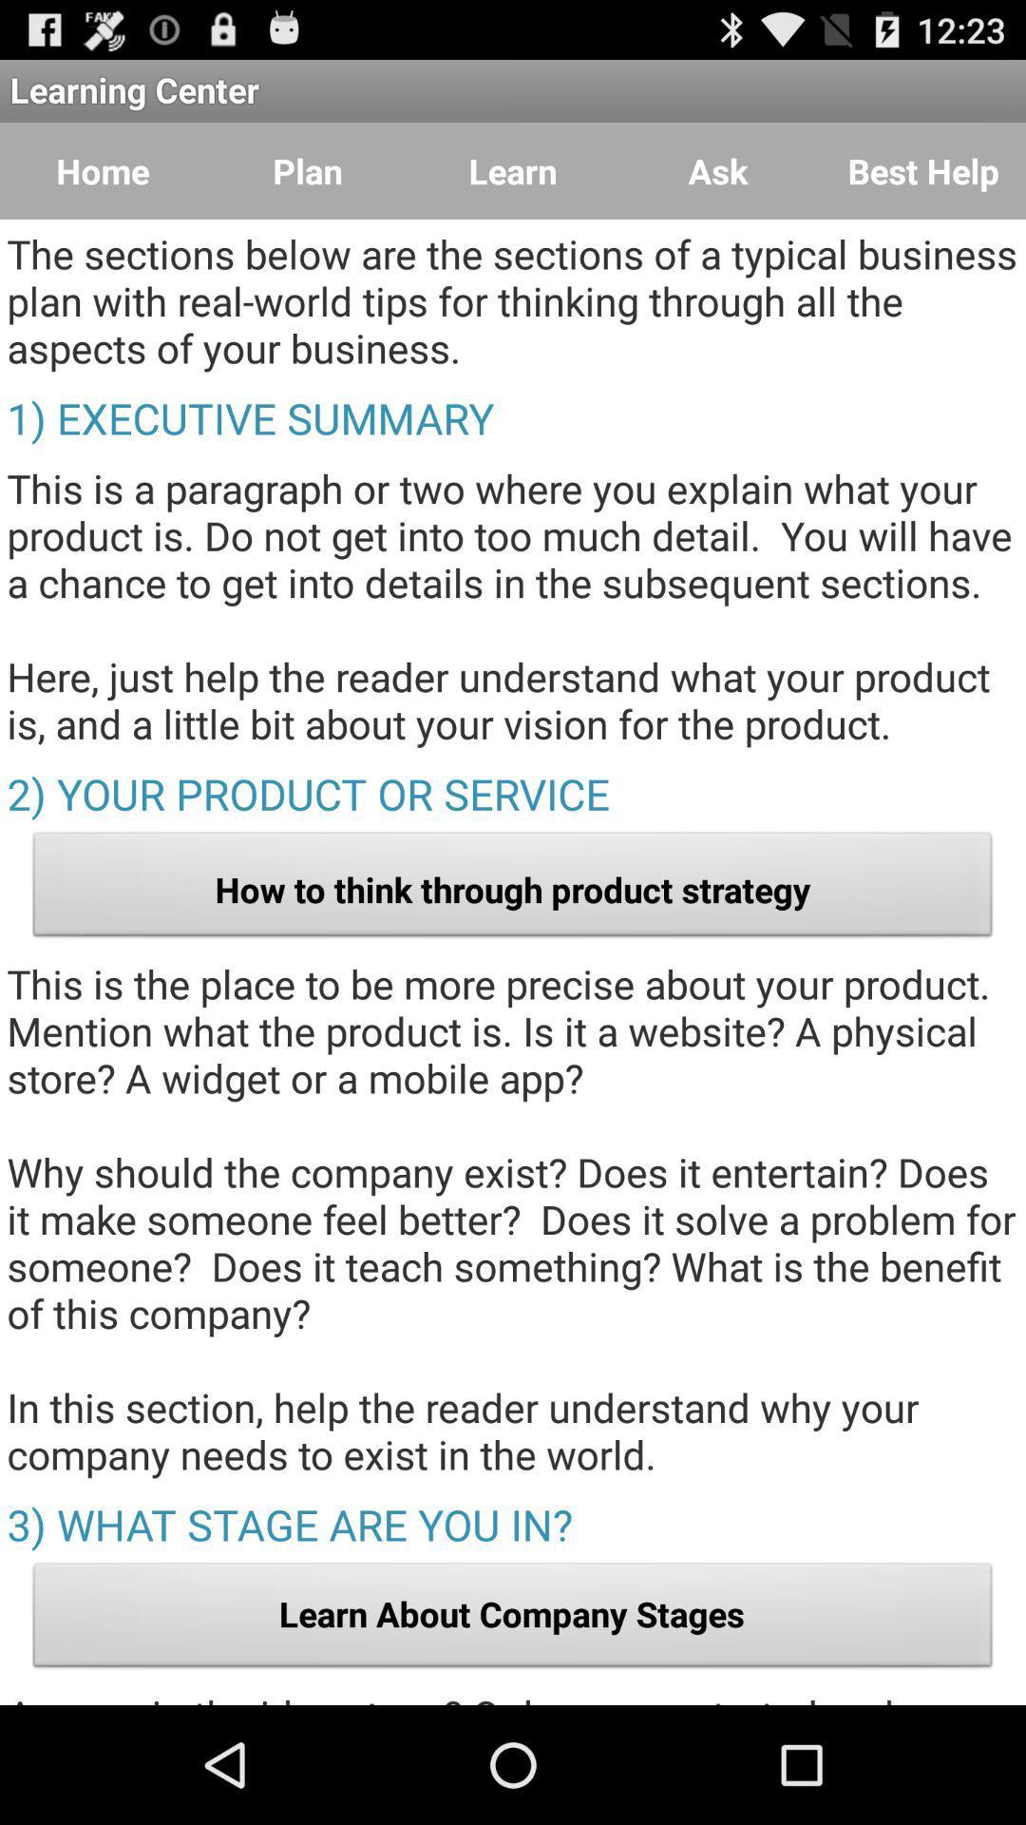 This screenshot has width=1026, height=1825. Describe the element at coordinates (718, 171) in the screenshot. I see `ask item` at that location.